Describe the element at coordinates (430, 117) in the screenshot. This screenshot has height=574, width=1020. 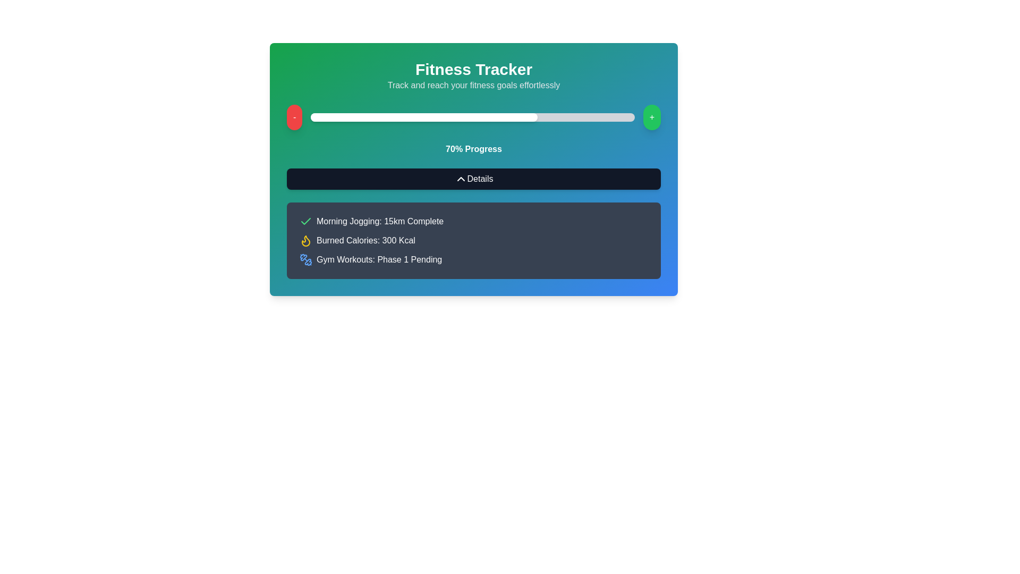
I see `progress` at that location.